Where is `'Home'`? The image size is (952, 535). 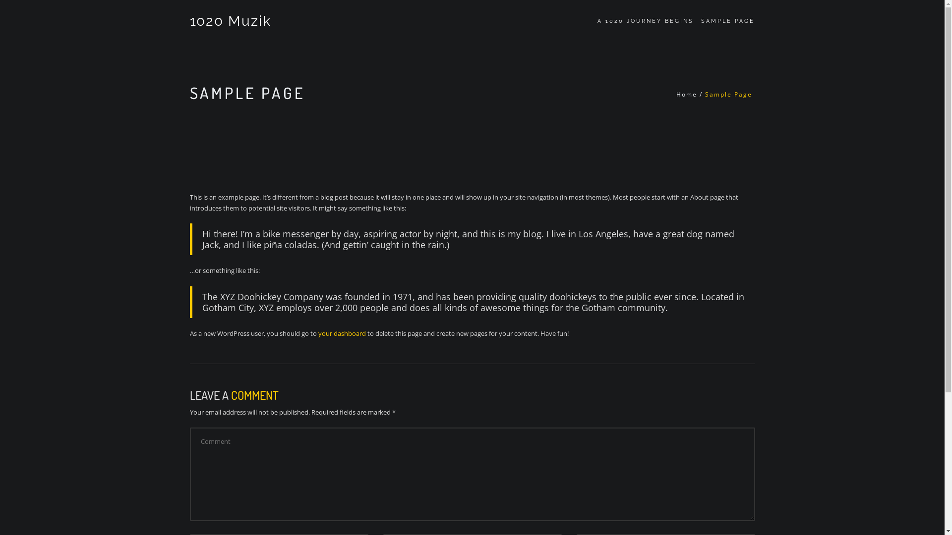 'Home' is located at coordinates (686, 94).